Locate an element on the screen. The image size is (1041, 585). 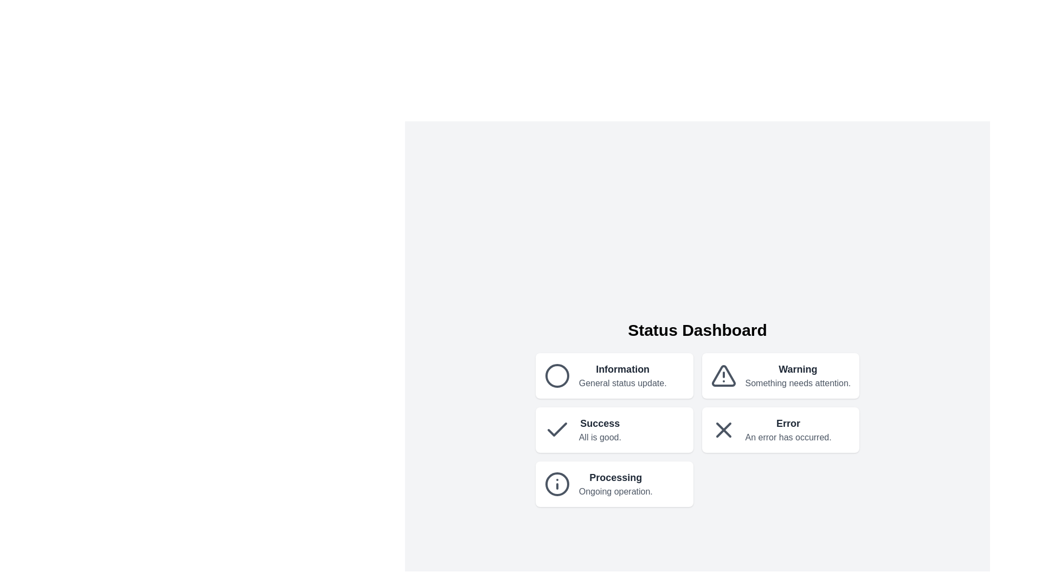
the text label displaying 'Ongoing operation.' located directly below the 'Processing' label within the lower-left quadrant of the dashboard interface is located at coordinates (615, 491).